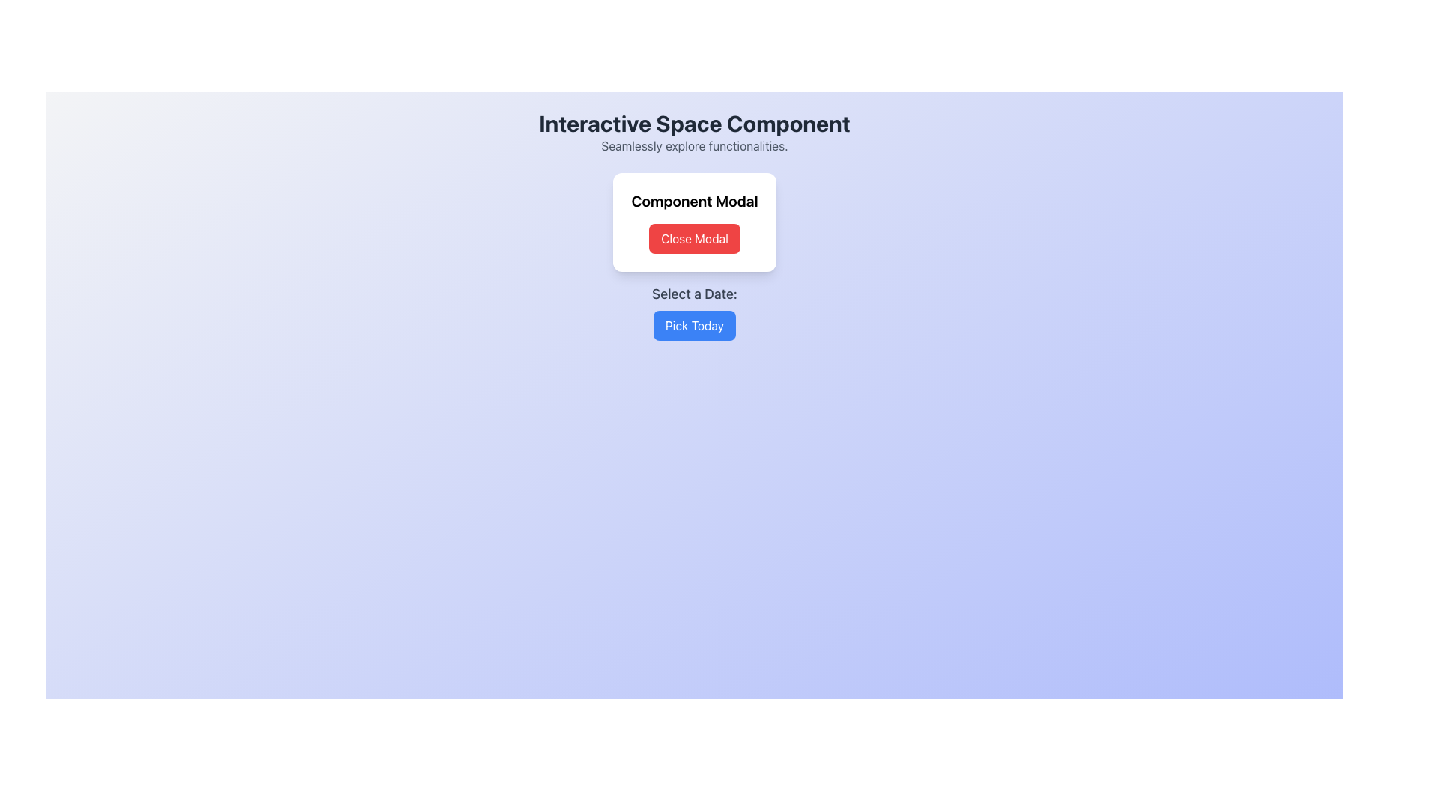 Image resolution: width=1439 pixels, height=809 pixels. What do you see at coordinates (693, 325) in the screenshot?
I see `the button positioned below the label 'Select a Date:'` at bounding box center [693, 325].